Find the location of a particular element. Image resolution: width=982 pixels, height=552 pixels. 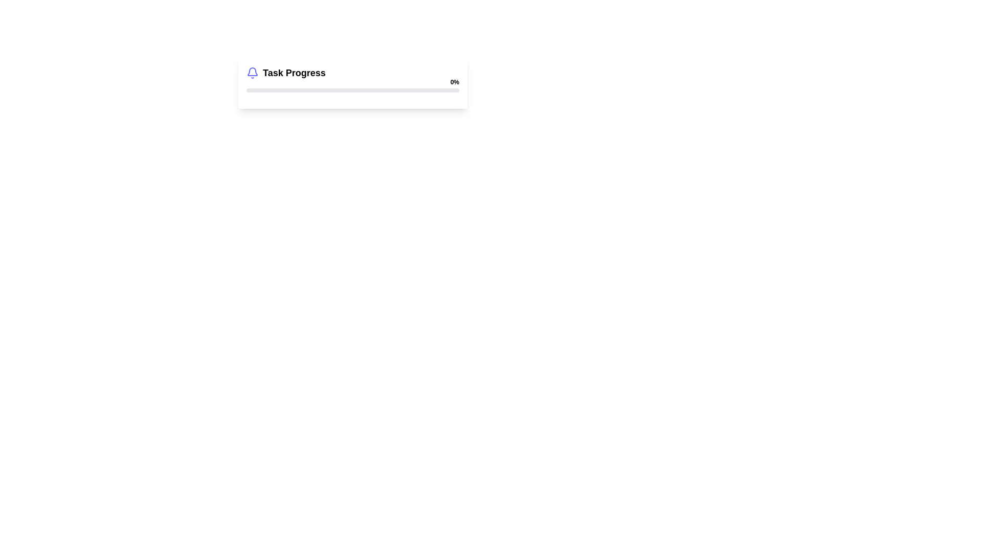

the bell icon, which is a vector graphic with a clean design, located adjacent to the 'Task Progress' progress bar is located at coordinates (253, 71).